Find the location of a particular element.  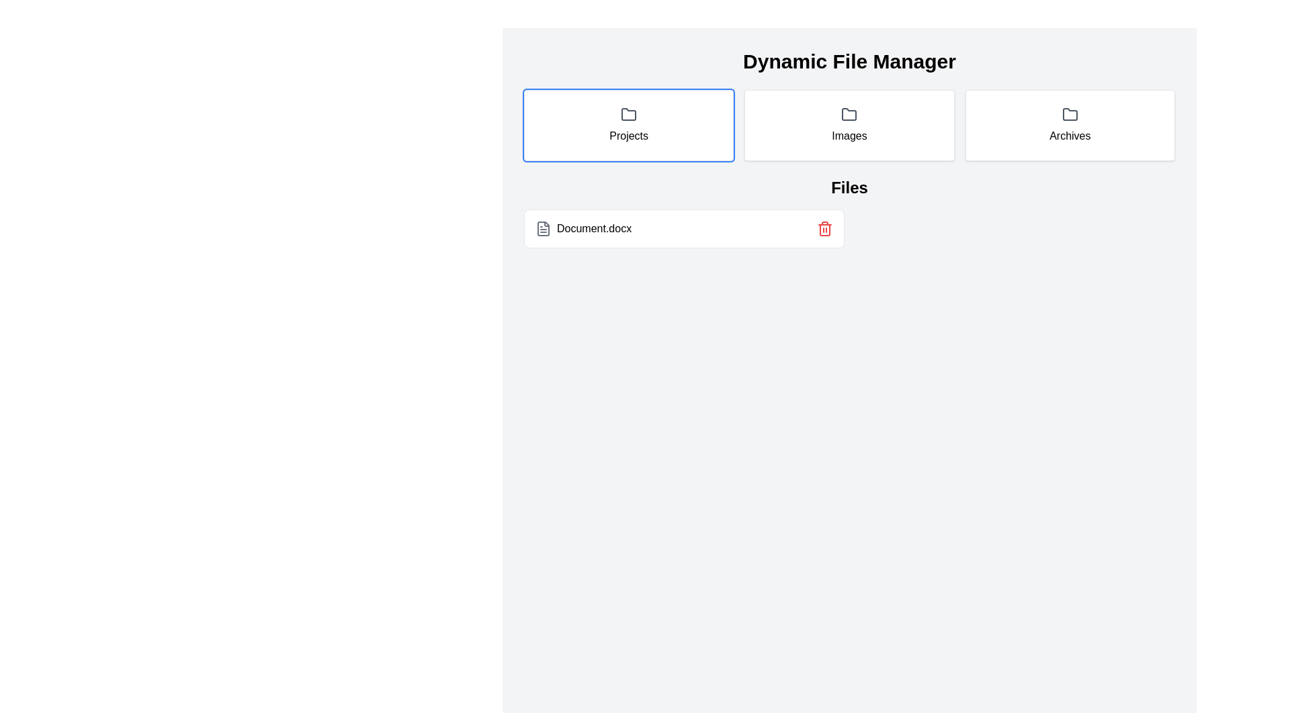

the illustrated folder icon in the 'Projects' section, which is styled with a simple outline and a cut-out design, located at the top left corner of the 'Files' section is located at coordinates (628, 113).